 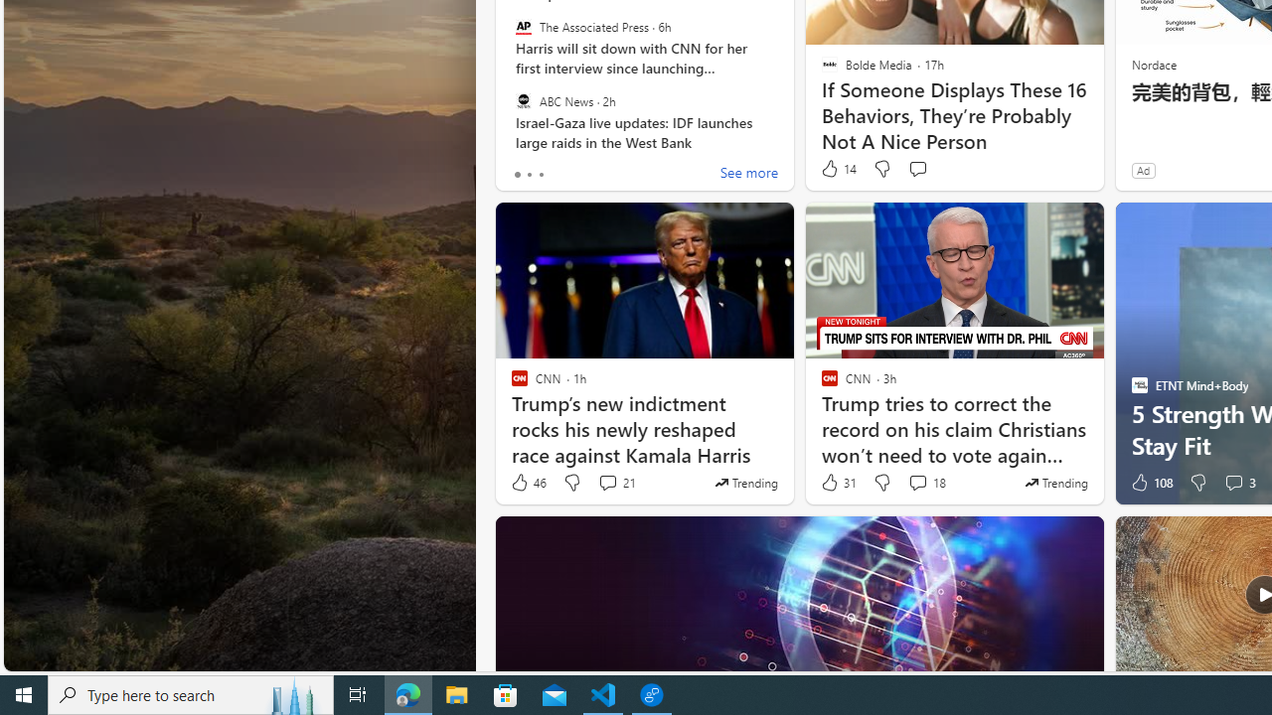 What do you see at coordinates (541, 174) in the screenshot?
I see `'tab-2'` at bounding box center [541, 174].